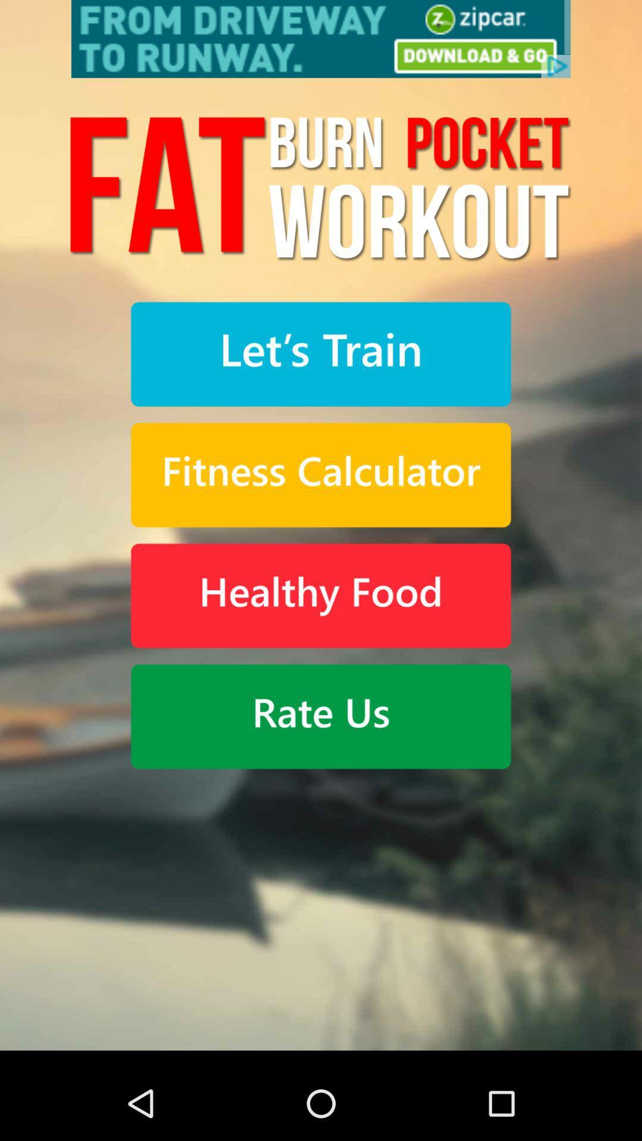  I want to click on begin training, so click(321, 354).